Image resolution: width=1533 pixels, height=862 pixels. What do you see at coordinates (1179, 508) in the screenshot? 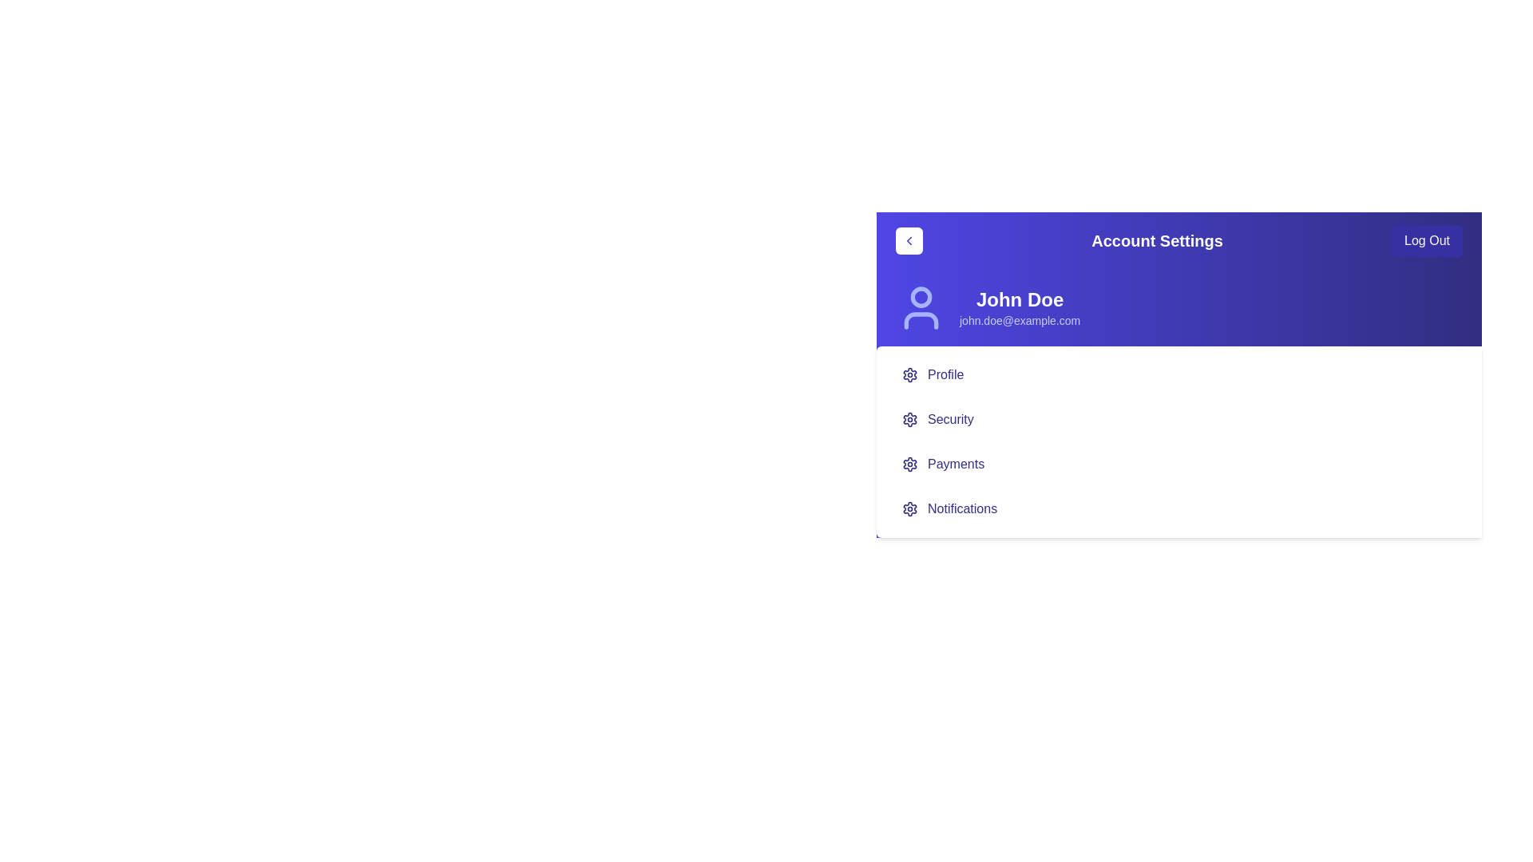
I see `the 'Notifications' menu item, which is the fourth item in the vertical menu list` at bounding box center [1179, 508].